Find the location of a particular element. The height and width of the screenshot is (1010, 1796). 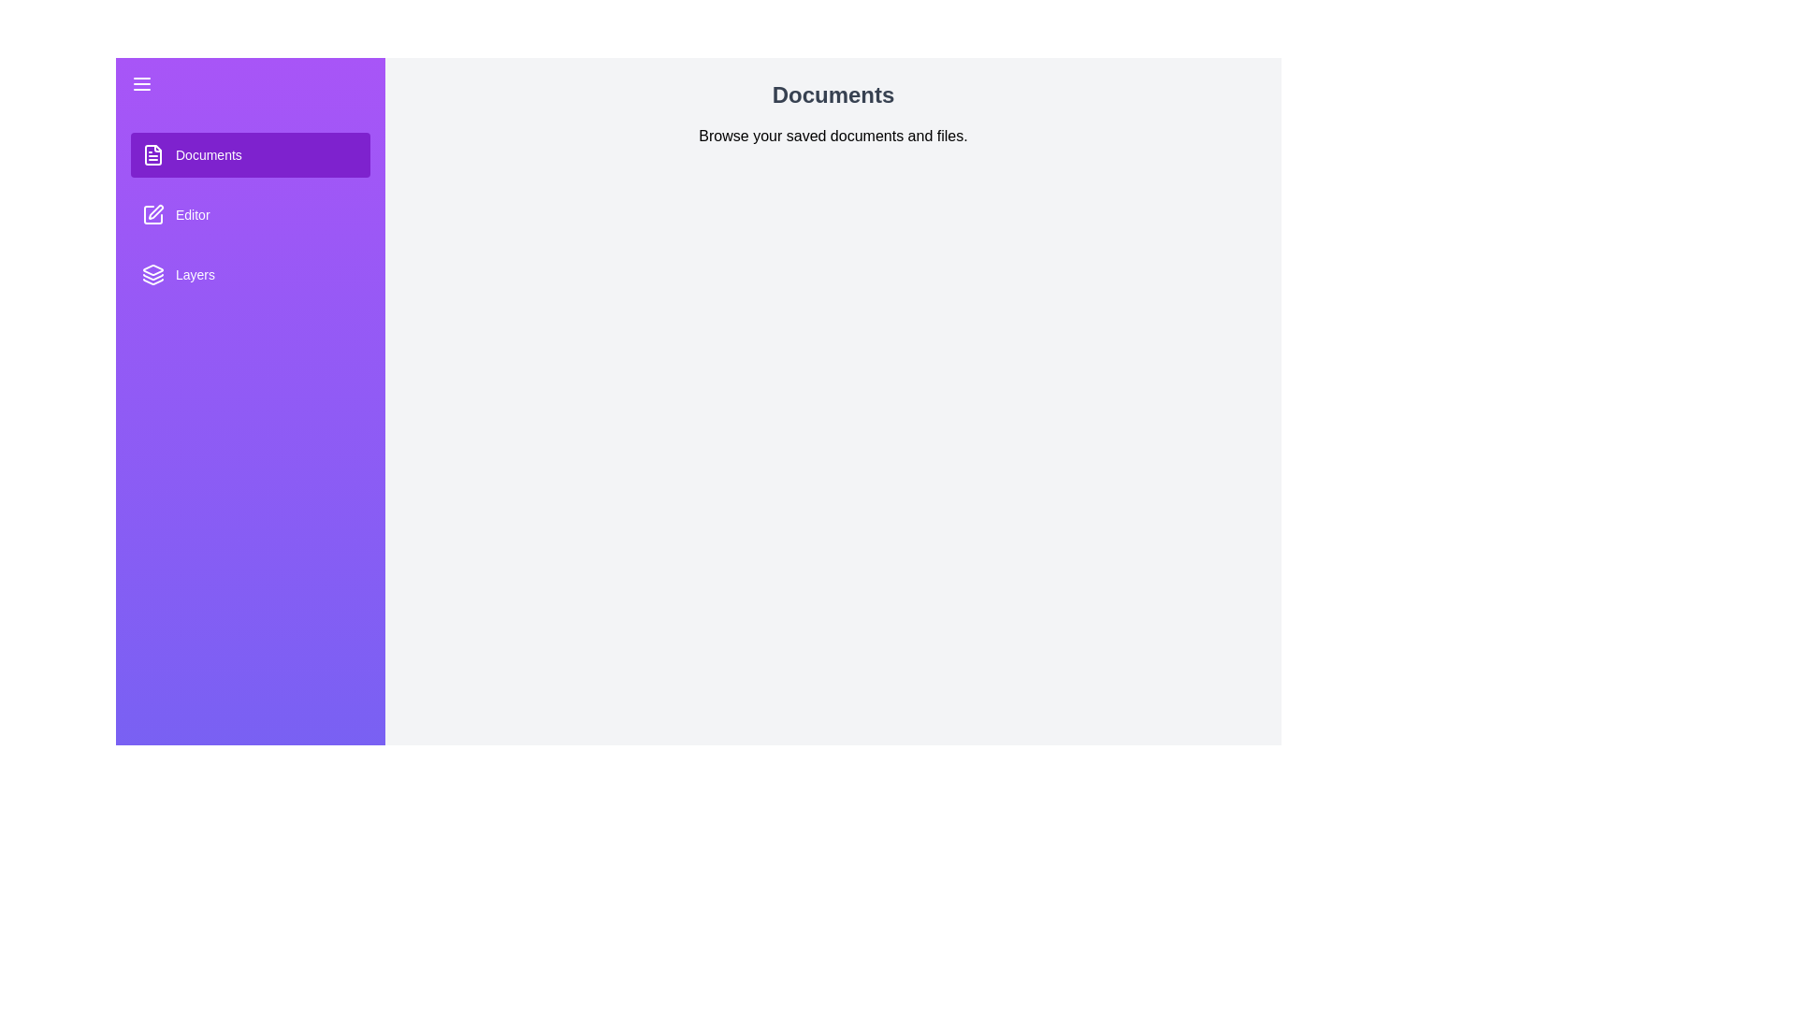

the section Documents to see its hover effect is located at coordinates (250, 153).